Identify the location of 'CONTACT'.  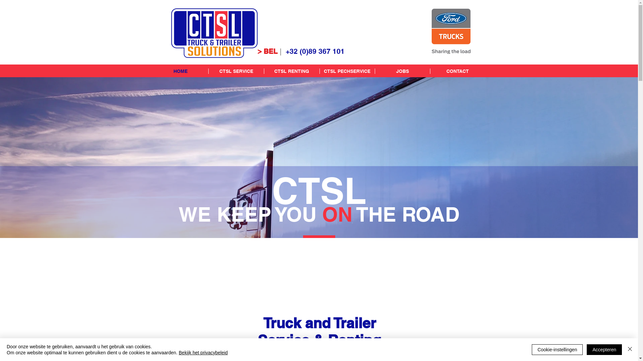
(457, 71).